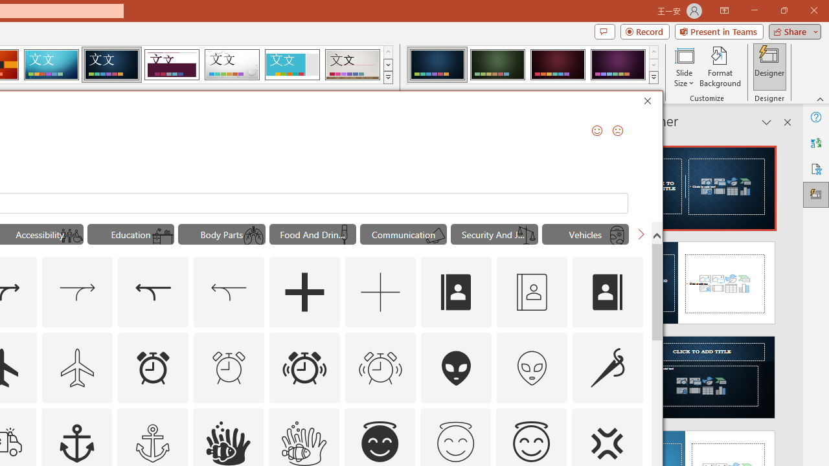  I want to click on 'Droplet', so click(232, 65).